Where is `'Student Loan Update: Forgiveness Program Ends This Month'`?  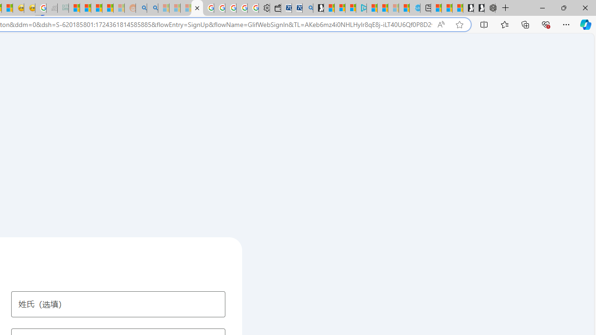
'Student Loan Update: Forgiveness Program Ends This Month' is located at coordinates (108, 8).